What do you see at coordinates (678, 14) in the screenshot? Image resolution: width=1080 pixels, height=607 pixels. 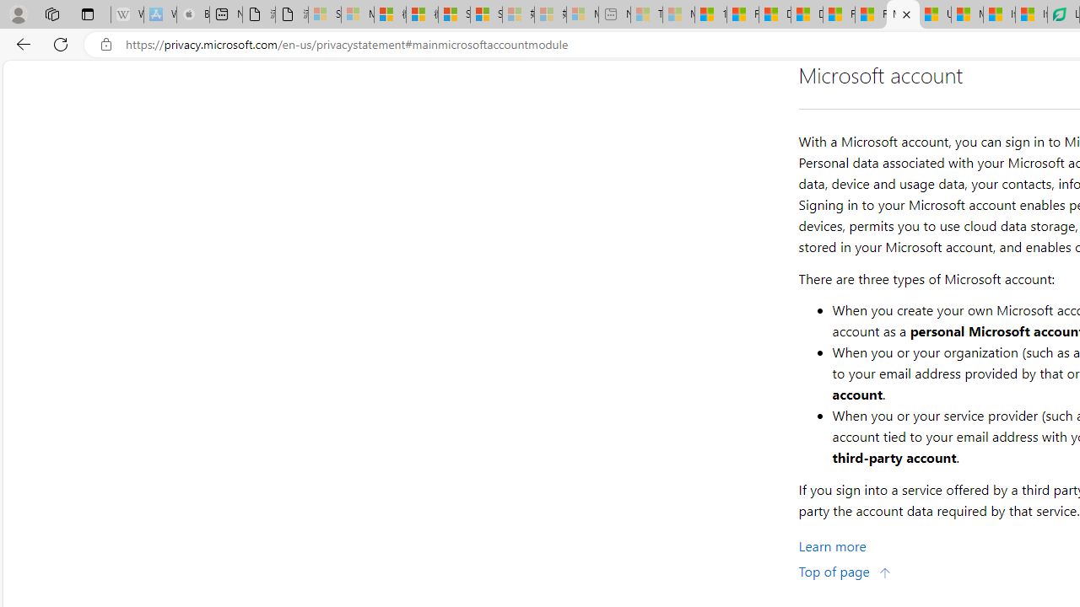 I see `'Marine life - MSN - Sleeping'` at bounding box center [678, 14].